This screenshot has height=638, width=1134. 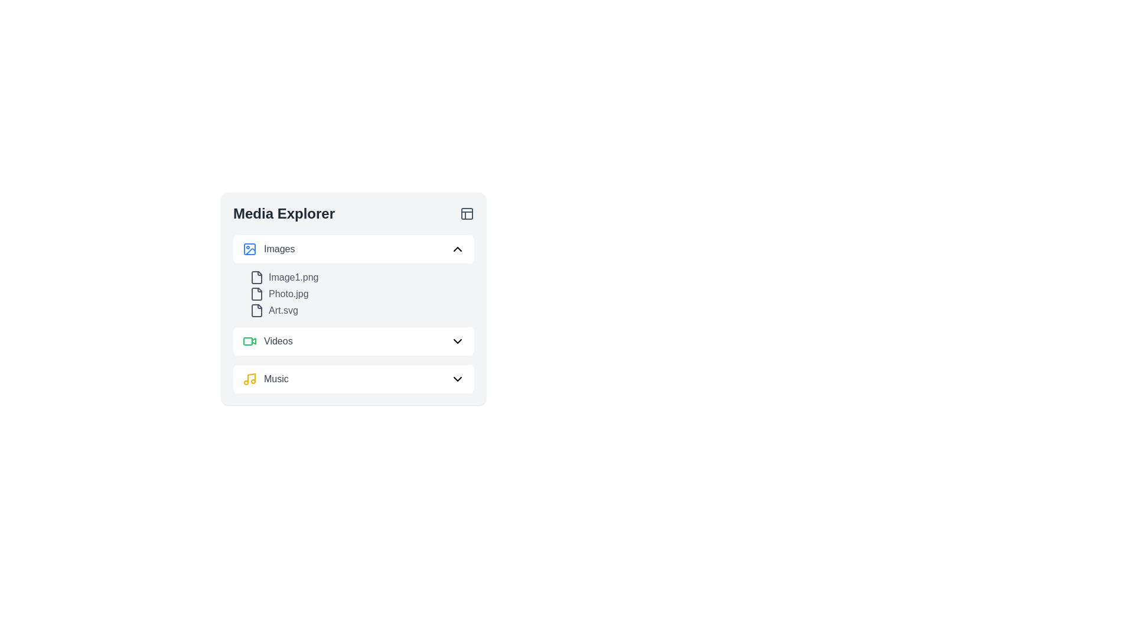 What do you see at coordinates (275, 379) in the screenshot?
I see `the 'Music' text label that is located to the right of the musical note icon in the 'Videos' section of the Media Explorer UI` at bounding box center [275, 379].